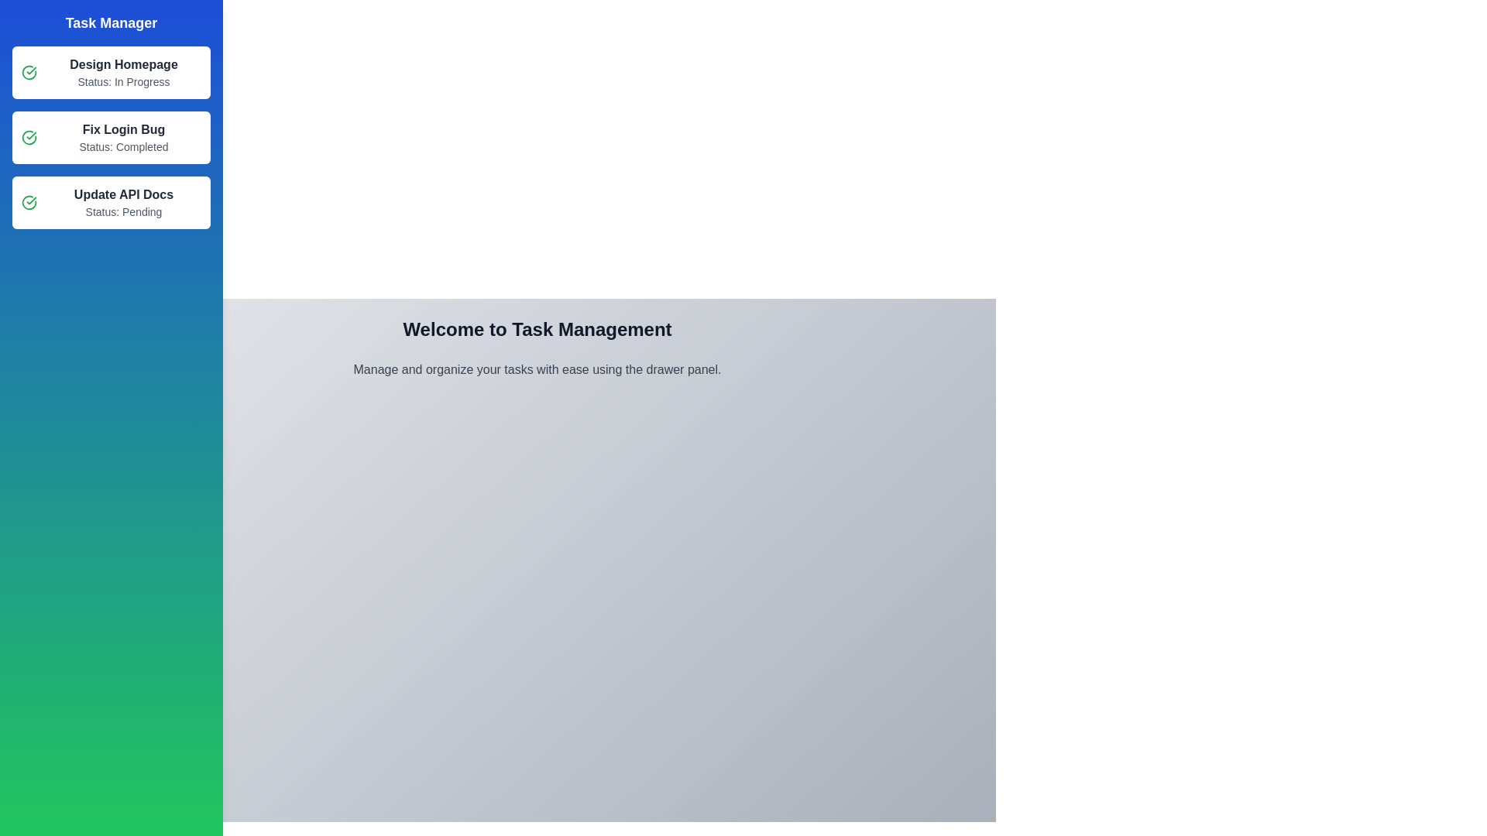  Describe the element at coordinates (30, 30) in the screenshot. I see `the button in the top-left corner to toggle the drawer open and close states` at that location.